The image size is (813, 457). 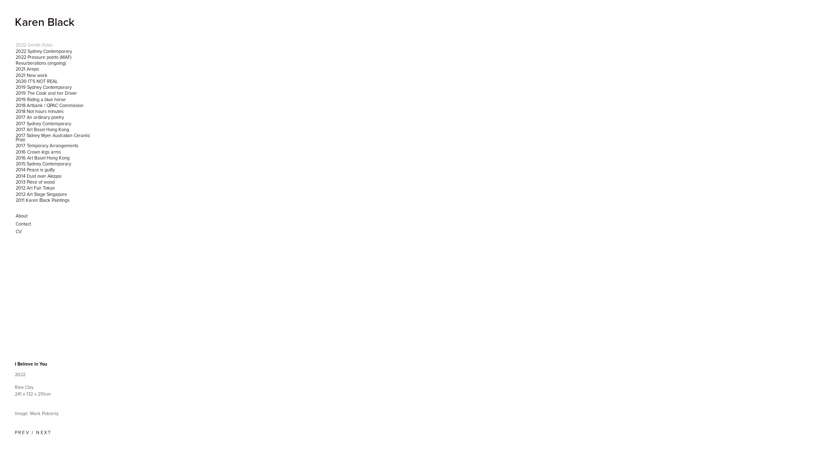 What do you see at coordinates (54, 158) in the screenshot?
I see `'2016 Art Basel Hong Kong'` at bounding box center [54, 158].